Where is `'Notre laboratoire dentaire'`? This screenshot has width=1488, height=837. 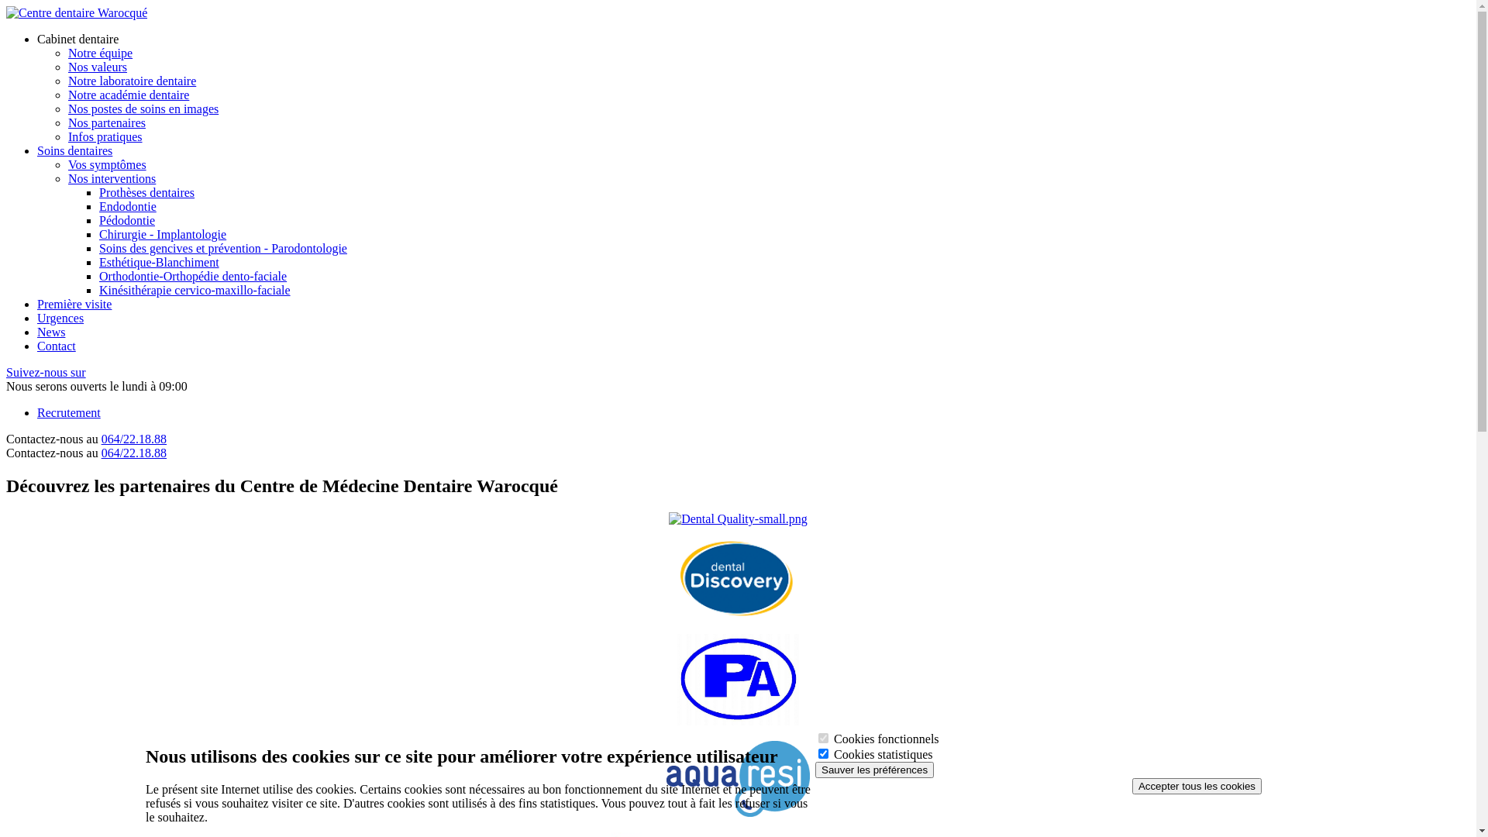
'Notre laboratoire dentaire' is located at coordinates (132, 81).